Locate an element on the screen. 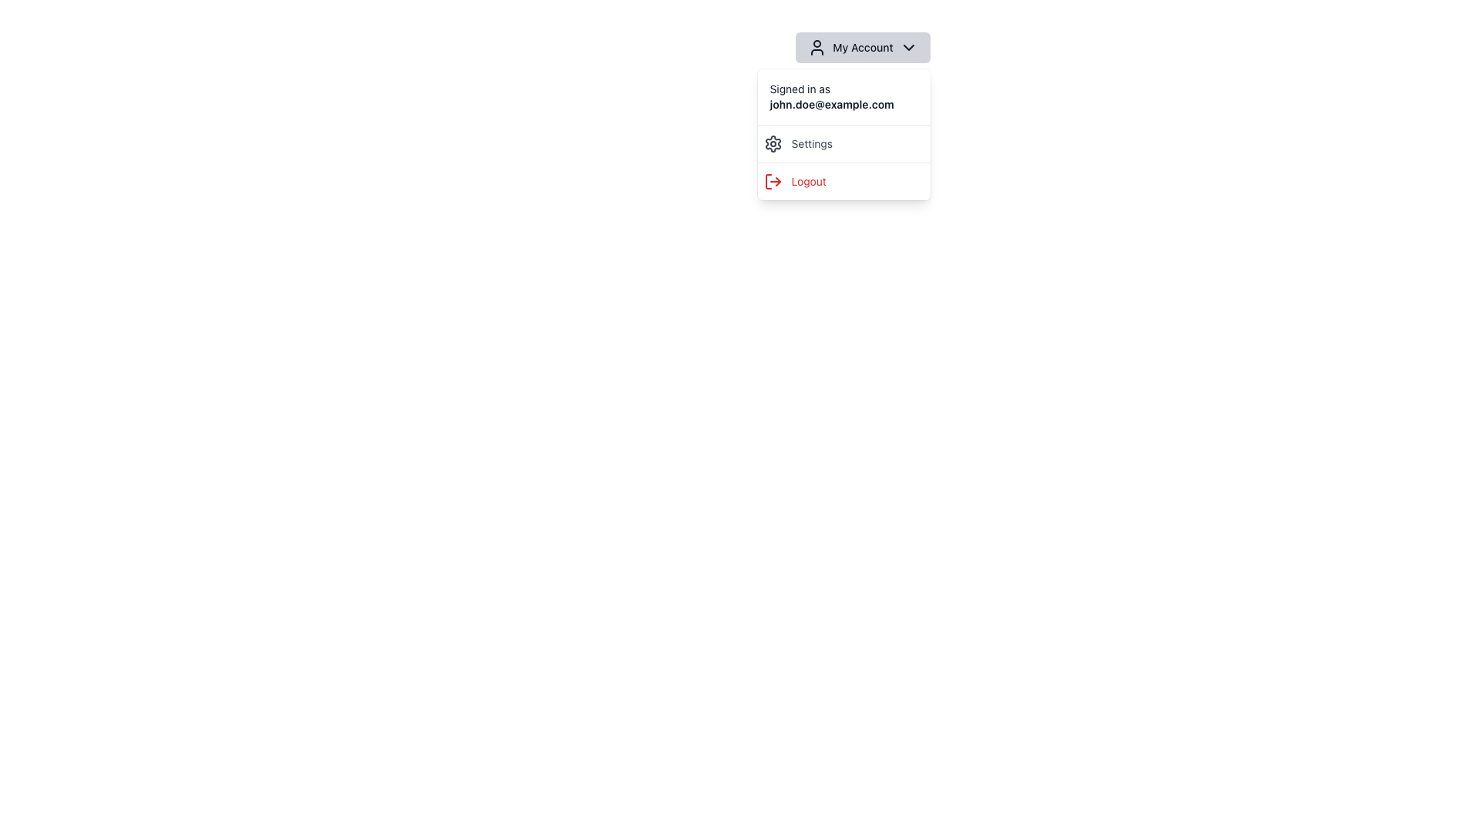 This screenshot has width=1479, height=832. the dropdown trigger button located at the top-right section of the interface is located at coordinates (863, 46).